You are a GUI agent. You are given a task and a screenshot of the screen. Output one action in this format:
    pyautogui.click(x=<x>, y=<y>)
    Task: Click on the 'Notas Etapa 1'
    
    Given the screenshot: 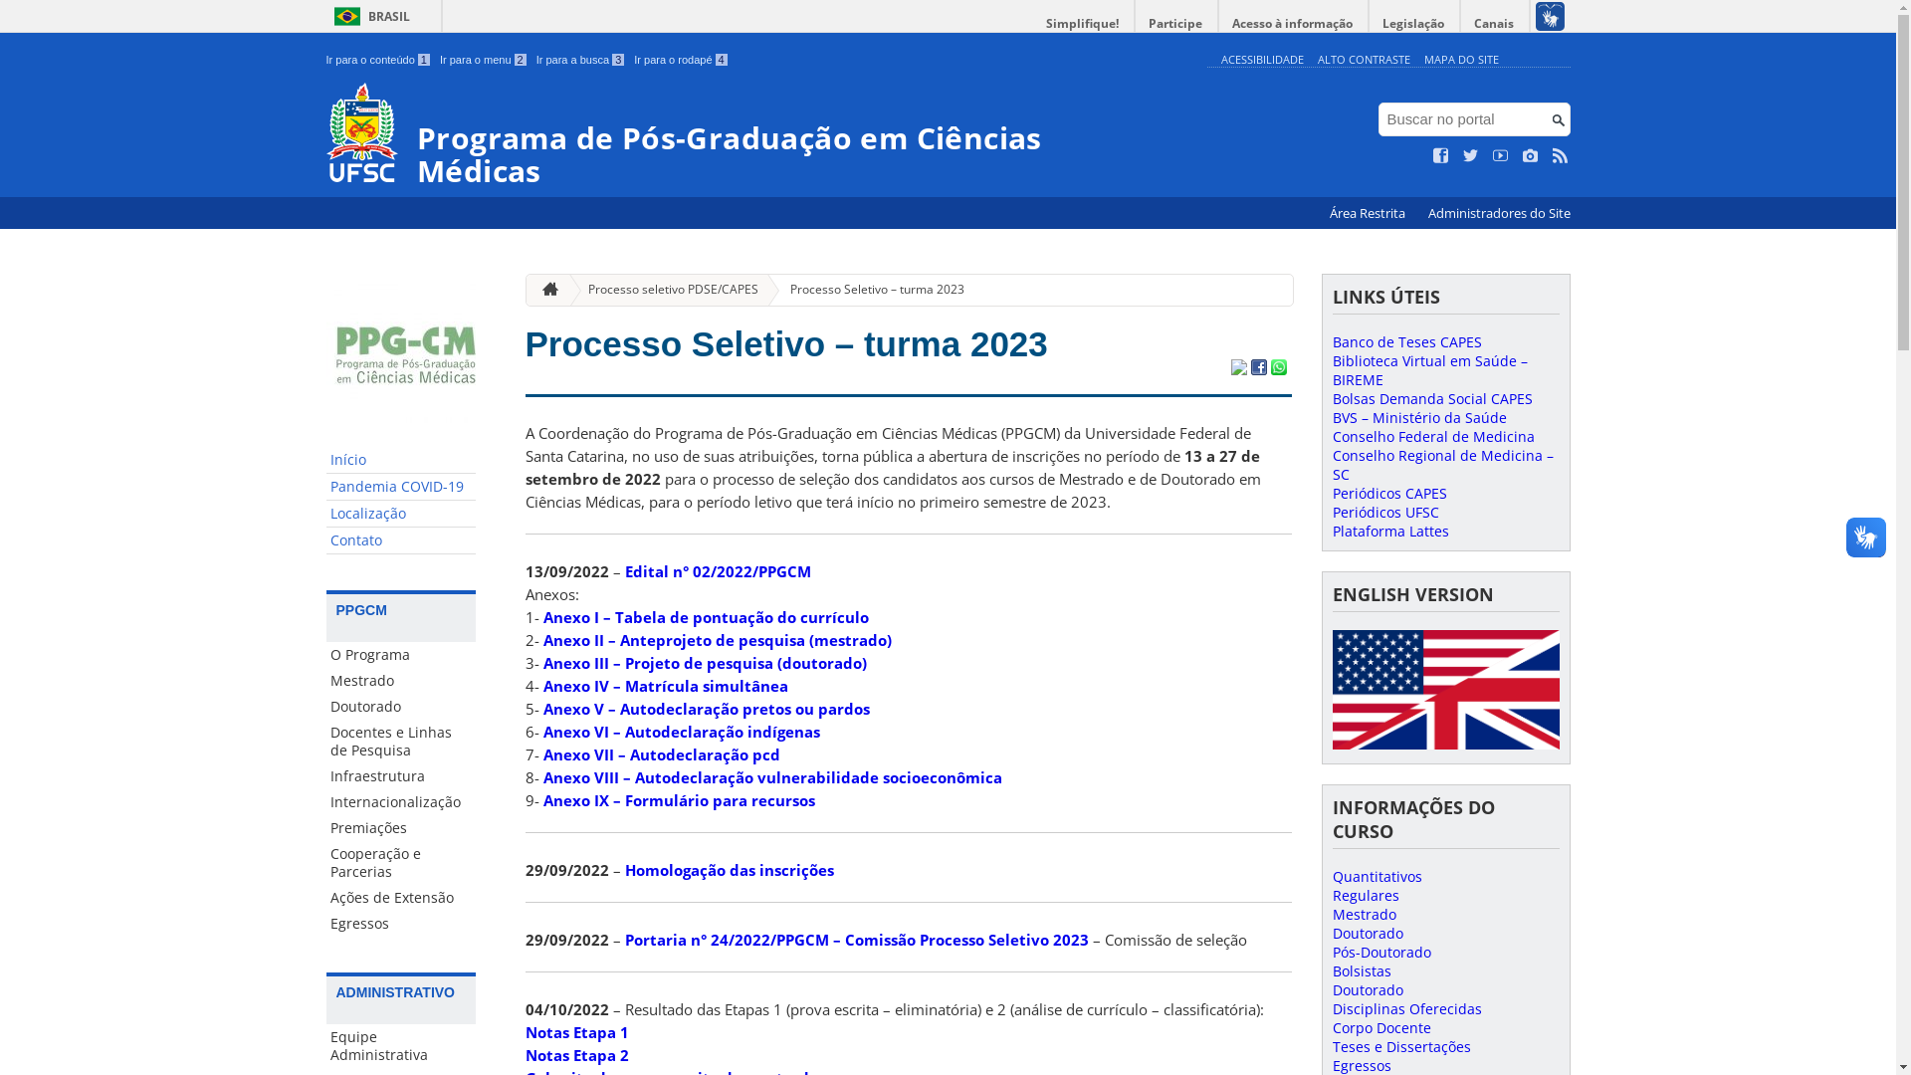 What is the action you would take?
    pyautogui.click(x=526, y=1031)
    